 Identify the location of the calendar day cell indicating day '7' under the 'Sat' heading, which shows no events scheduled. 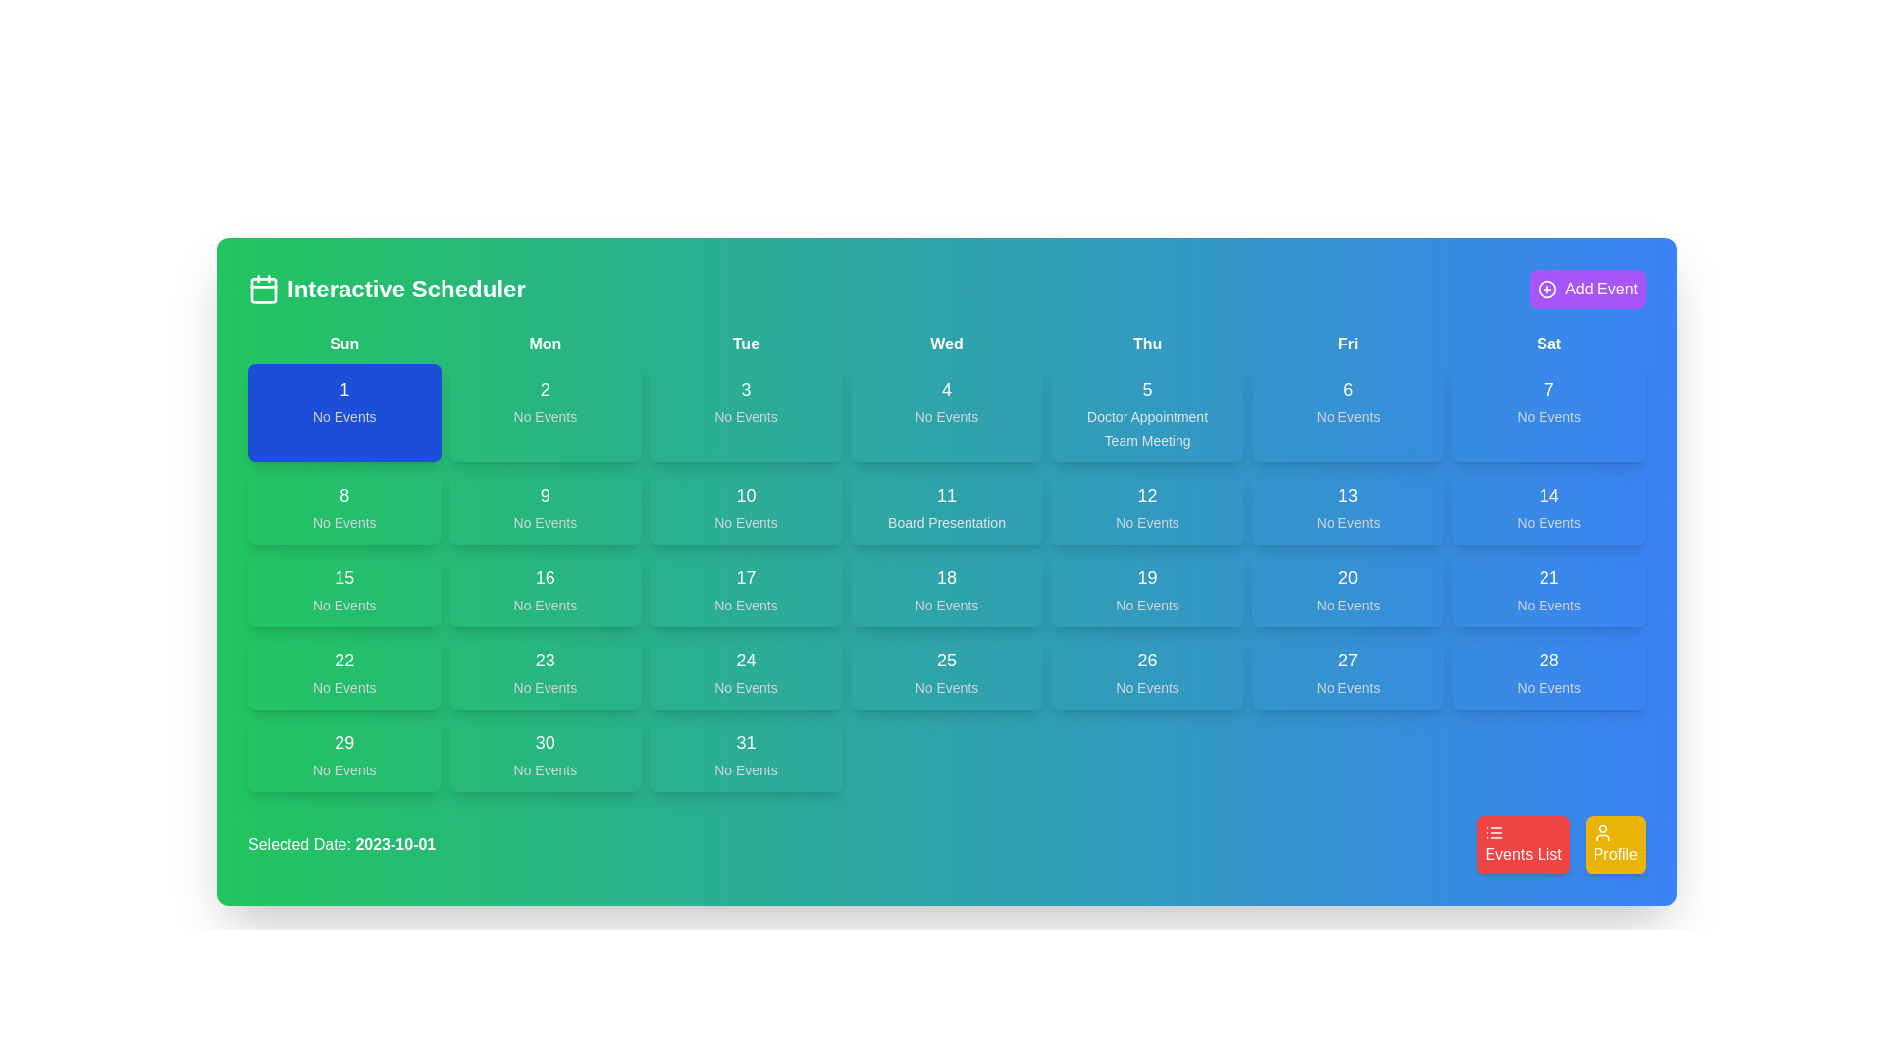
(1547, 411).